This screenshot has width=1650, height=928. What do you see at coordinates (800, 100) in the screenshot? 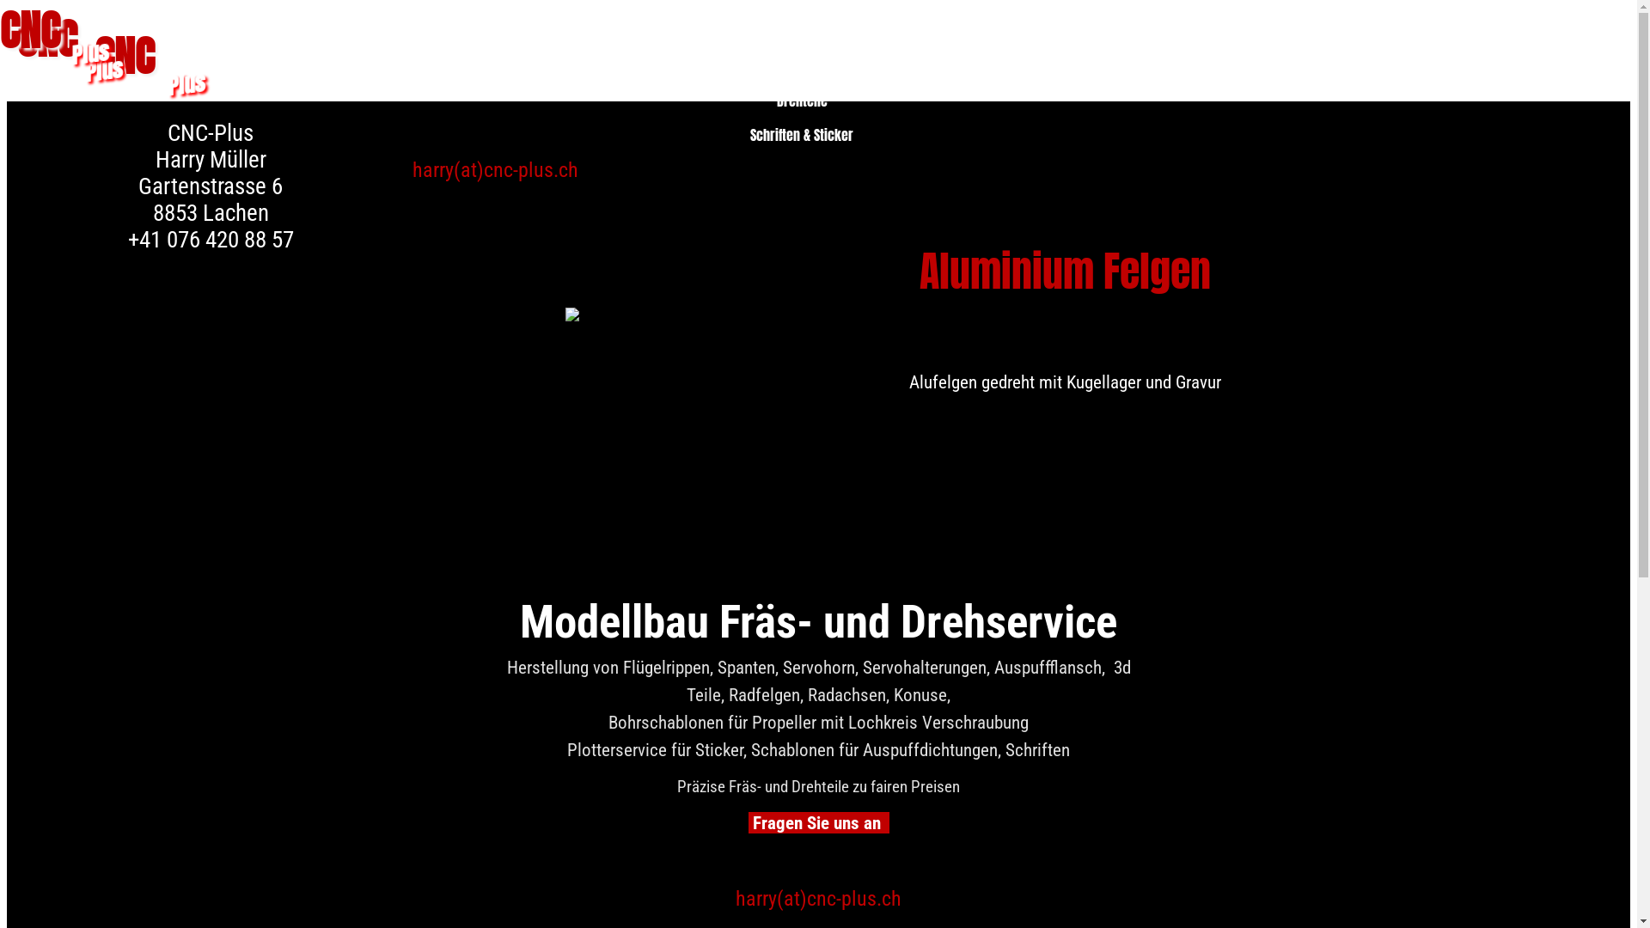
I see `'Drehteile'` at bounding box center [800, 100].